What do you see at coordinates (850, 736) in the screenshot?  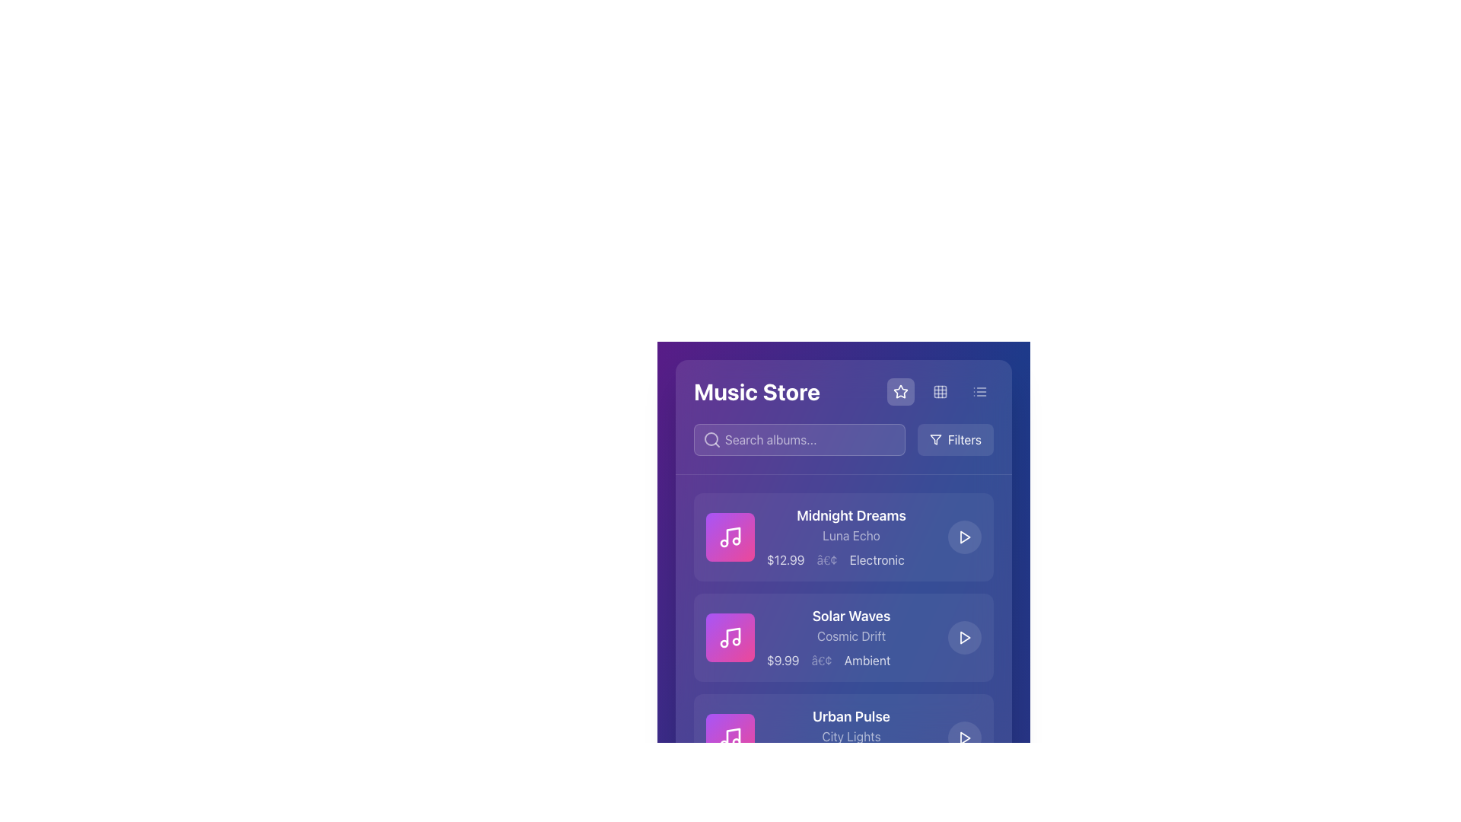 I see `the static text that provides additional information related to 'Urban Pulse' in the music store application, located directly beneath the 'Urban Pulse' text` at bounding box center [850, 736].